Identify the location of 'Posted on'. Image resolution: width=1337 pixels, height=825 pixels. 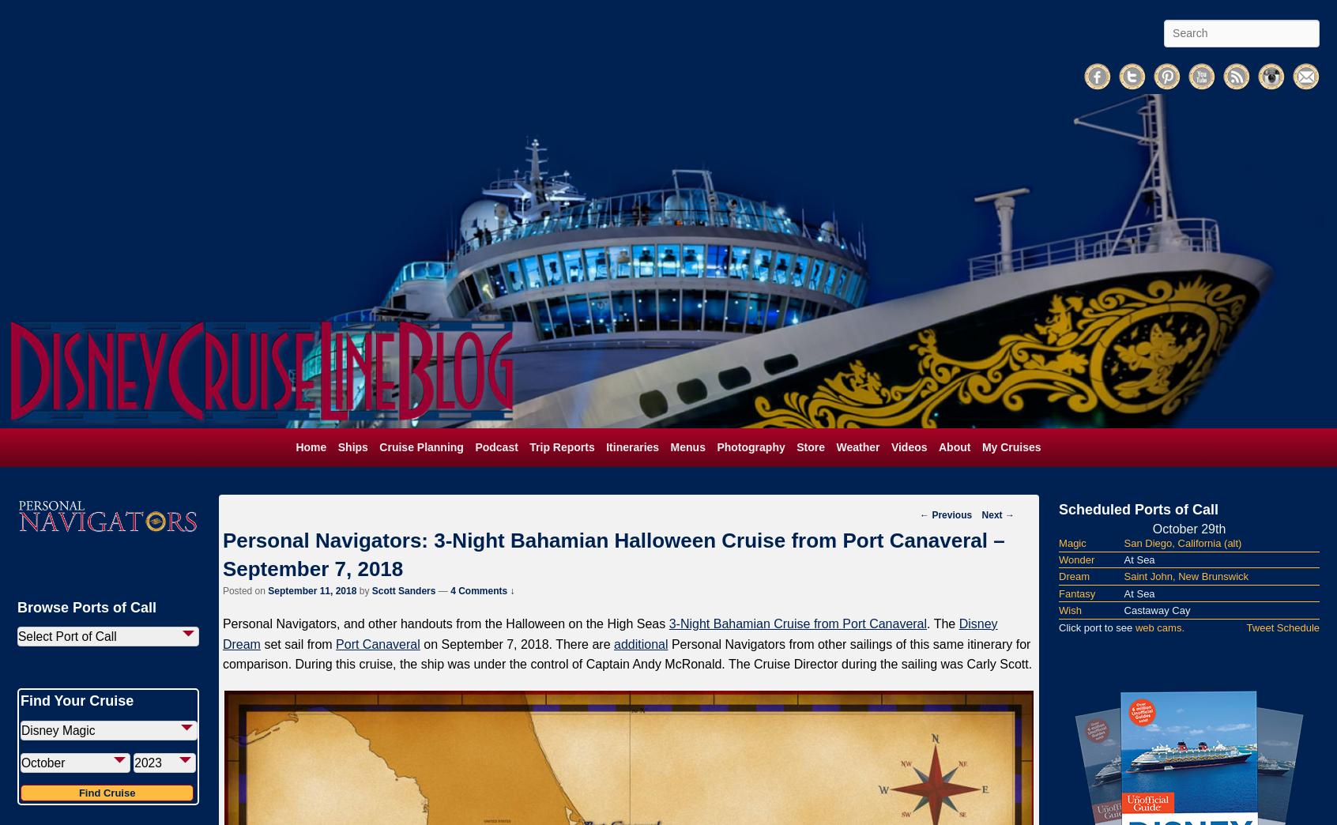
(243, 590).